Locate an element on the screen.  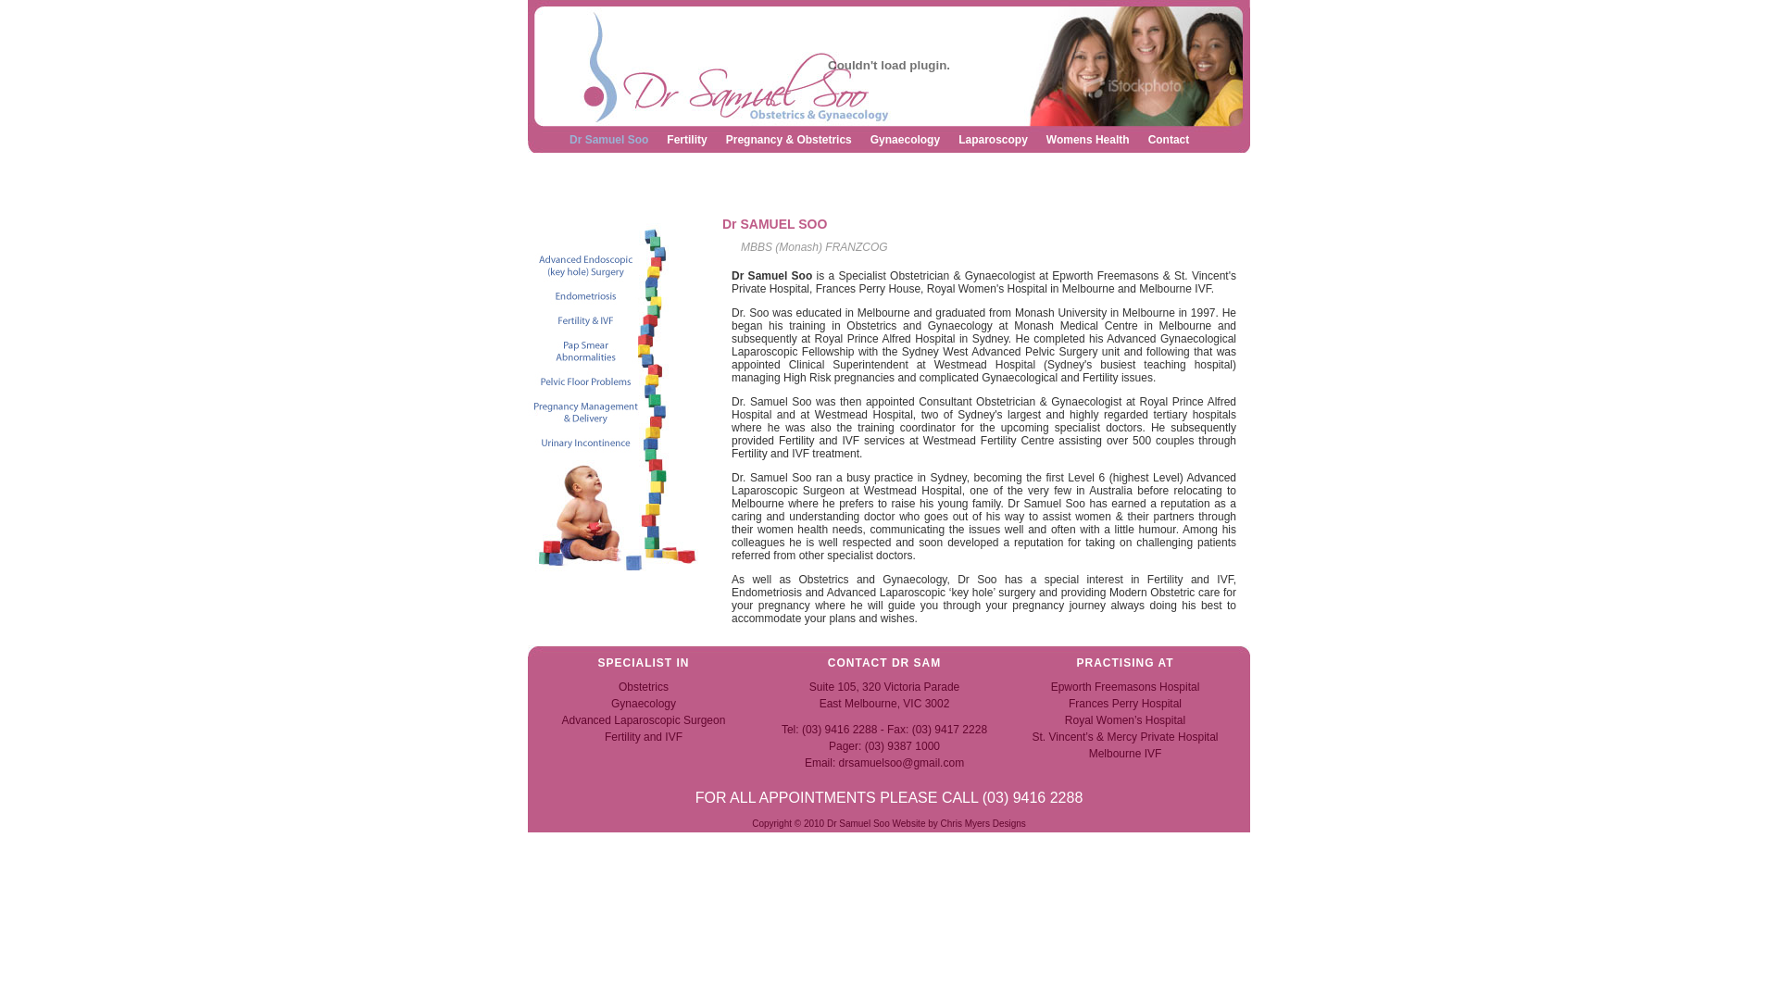
'Melbourne IVF' is located at coordinates (1124, 753).